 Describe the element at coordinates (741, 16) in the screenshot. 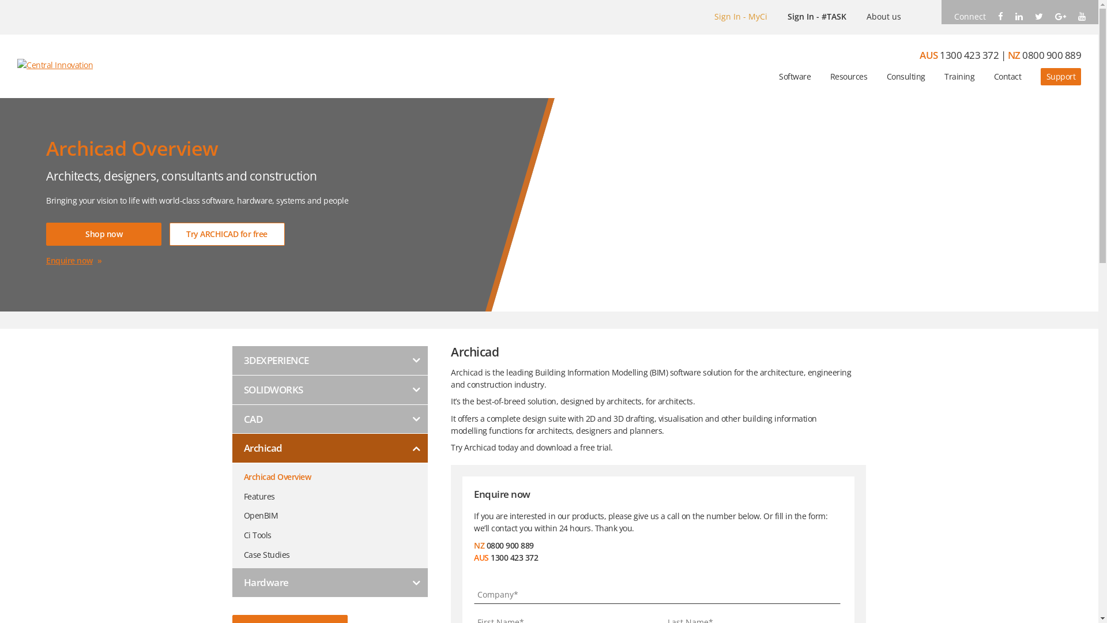

I see `'Sign In - MyCi'` at that location.